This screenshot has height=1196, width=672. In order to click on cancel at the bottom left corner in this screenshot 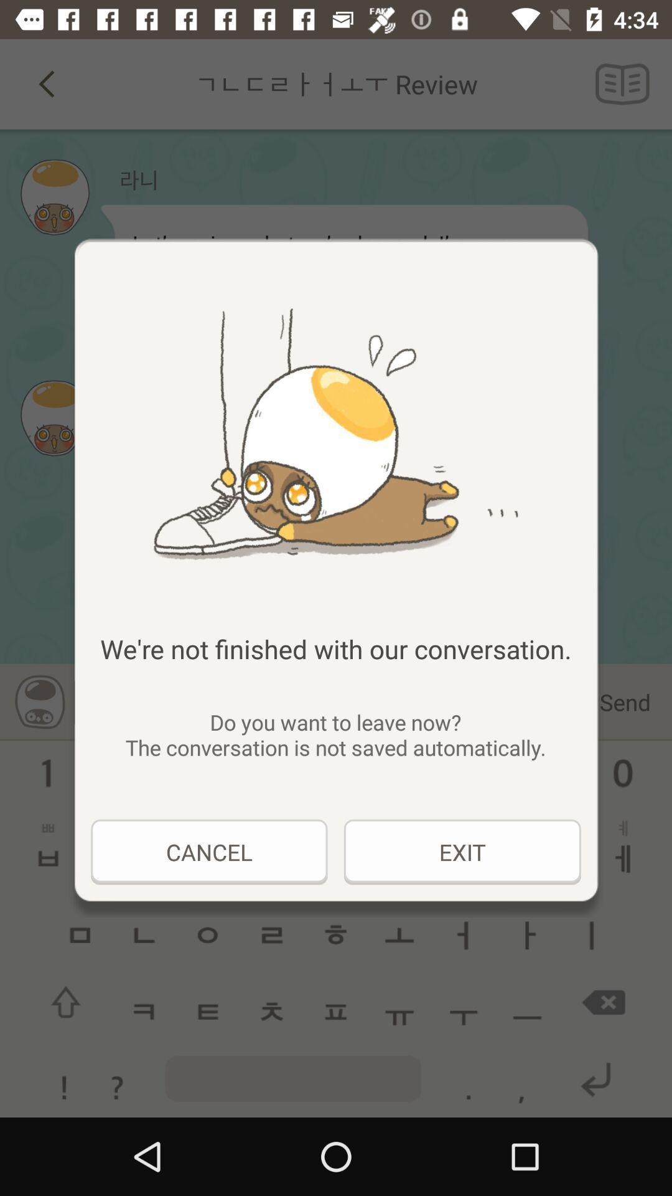, I will do `click(208, 852)`.